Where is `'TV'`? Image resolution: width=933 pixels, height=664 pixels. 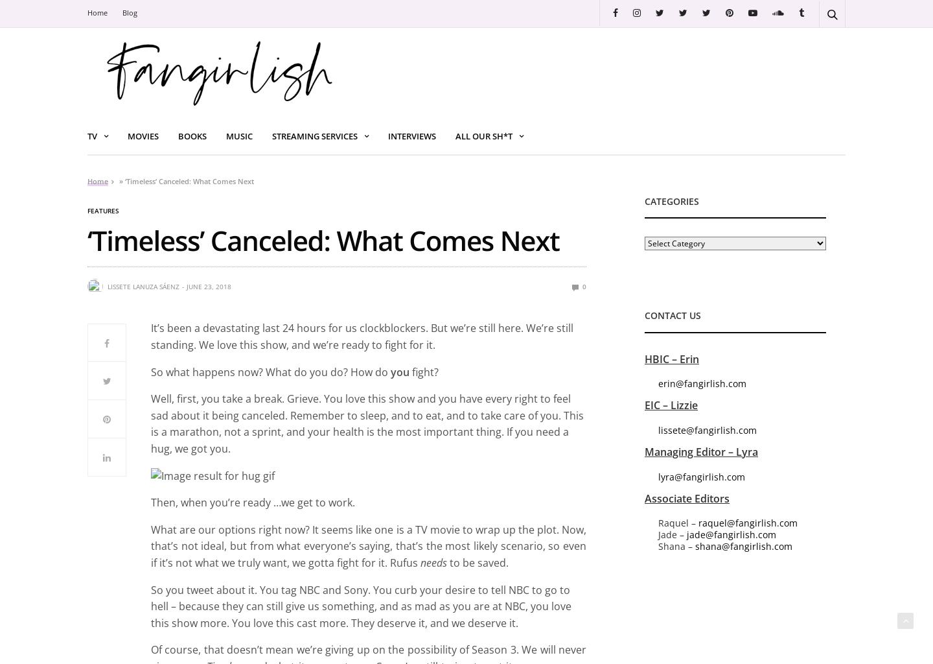 'TV' is located at coordinates (91, 136).